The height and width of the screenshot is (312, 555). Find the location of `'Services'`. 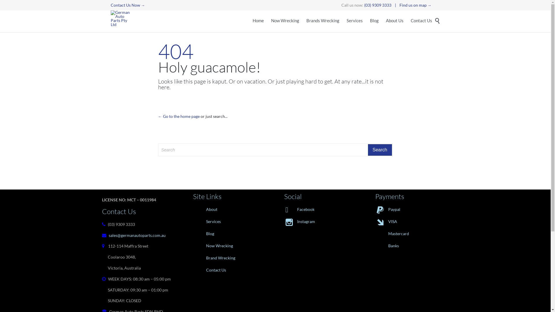

'Services' is located at coordinates (229, 221).